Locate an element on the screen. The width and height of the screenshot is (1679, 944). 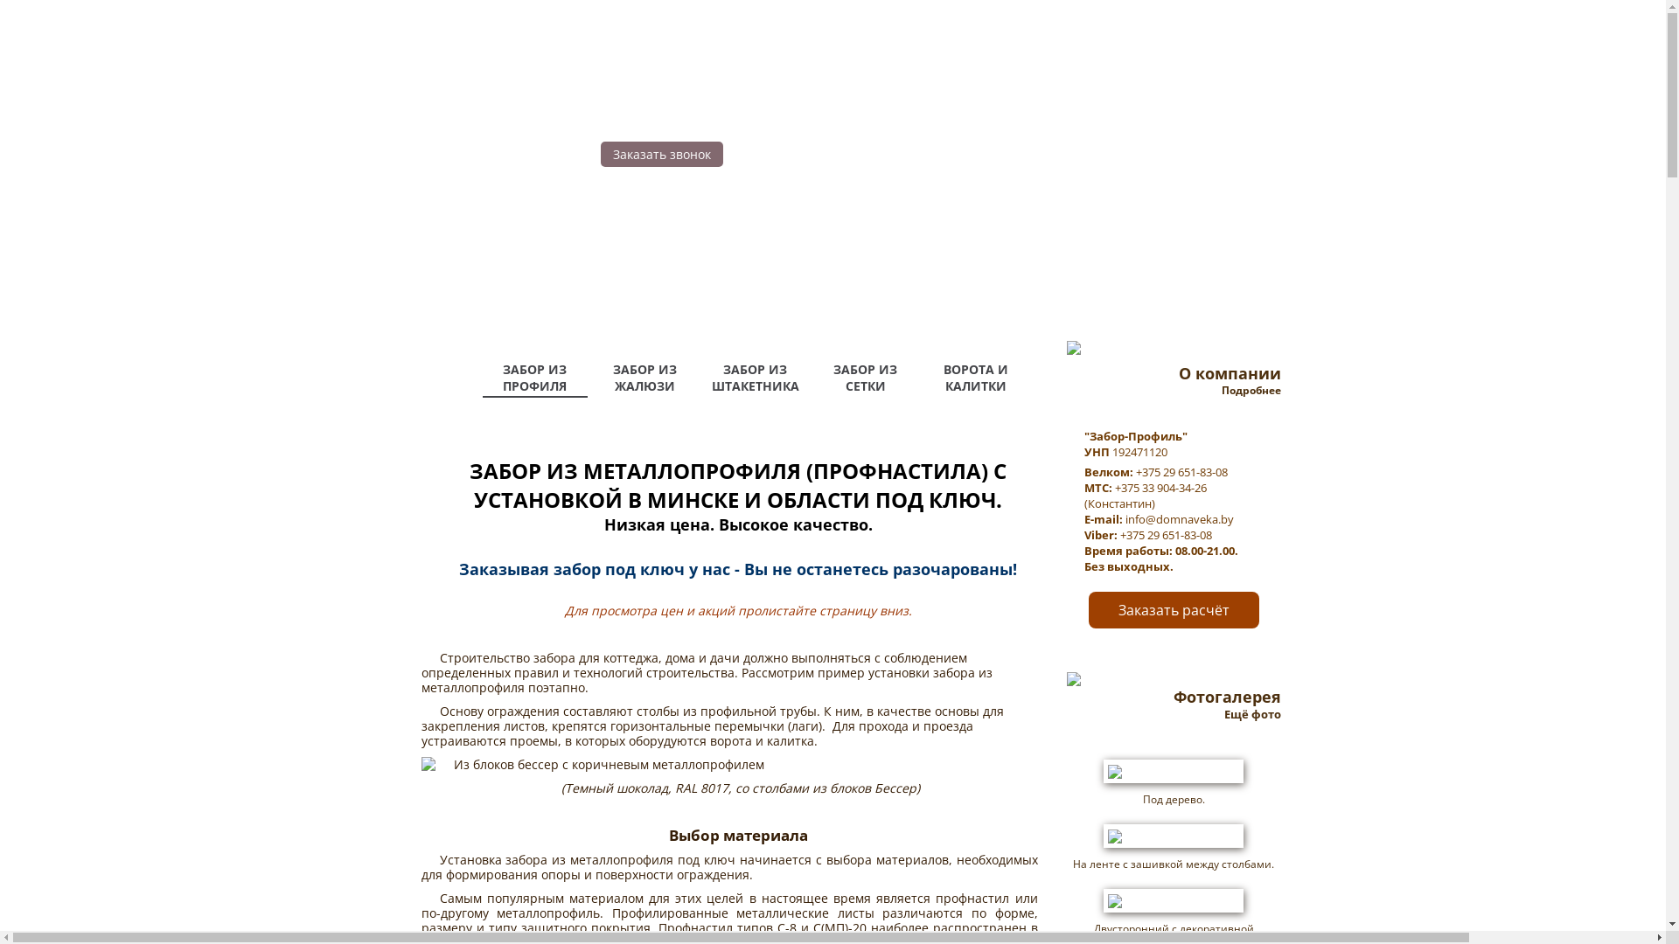
'+375 29 651-83-08' is located at coordinates (1165, 534).